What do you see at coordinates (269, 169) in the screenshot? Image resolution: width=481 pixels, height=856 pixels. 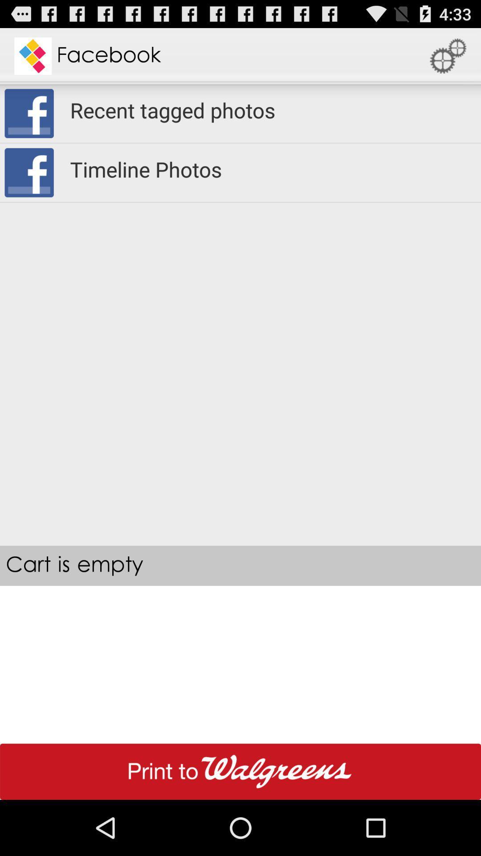 I see `the timeline photos item` at bounding box center [269, 169].